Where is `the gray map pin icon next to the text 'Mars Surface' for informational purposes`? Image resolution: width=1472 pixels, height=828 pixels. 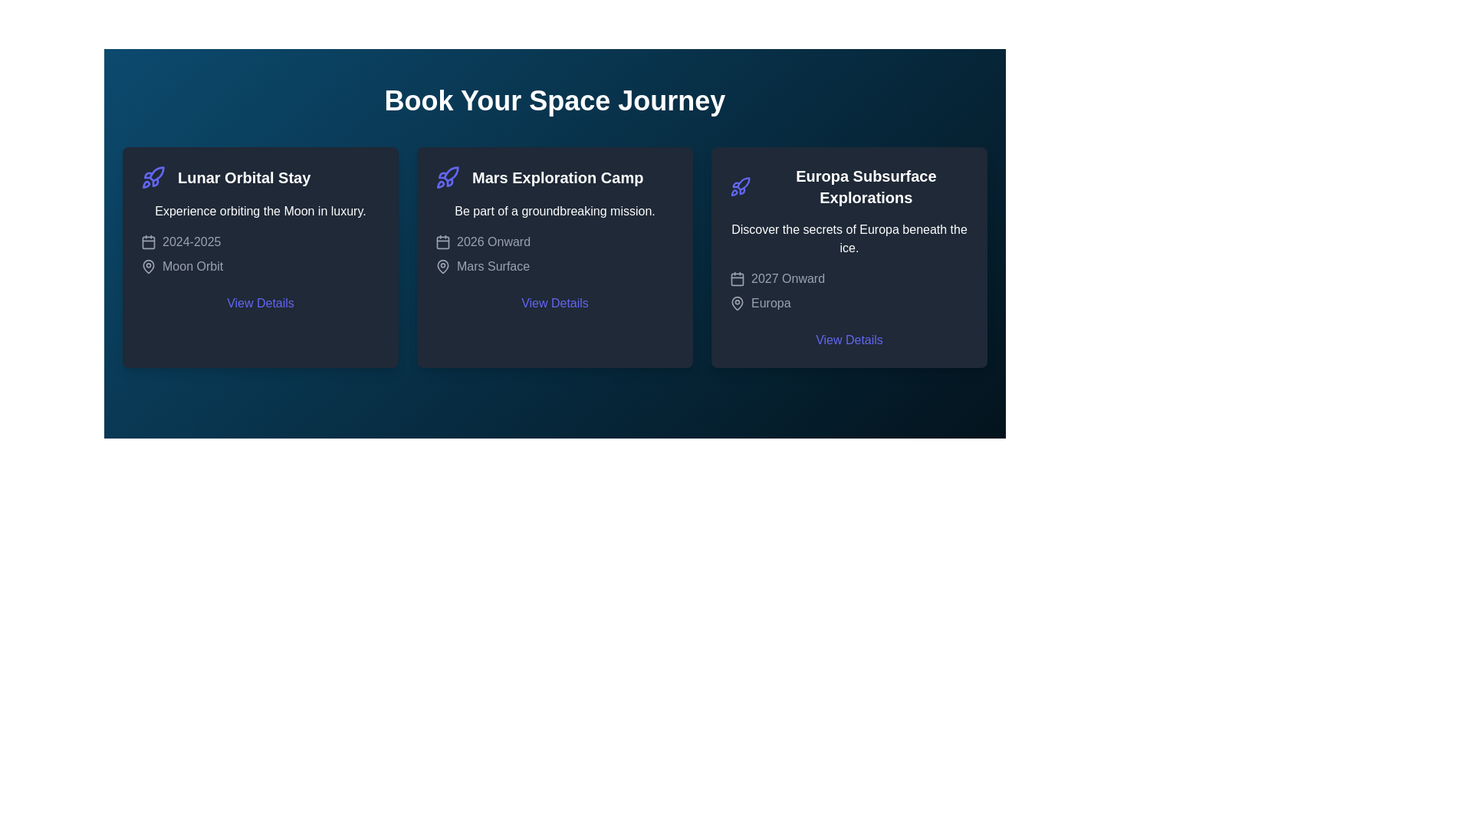
the gray map pin icon next to the text 'Mars Surface' for informational purposes is located at coordinates (442, 265).